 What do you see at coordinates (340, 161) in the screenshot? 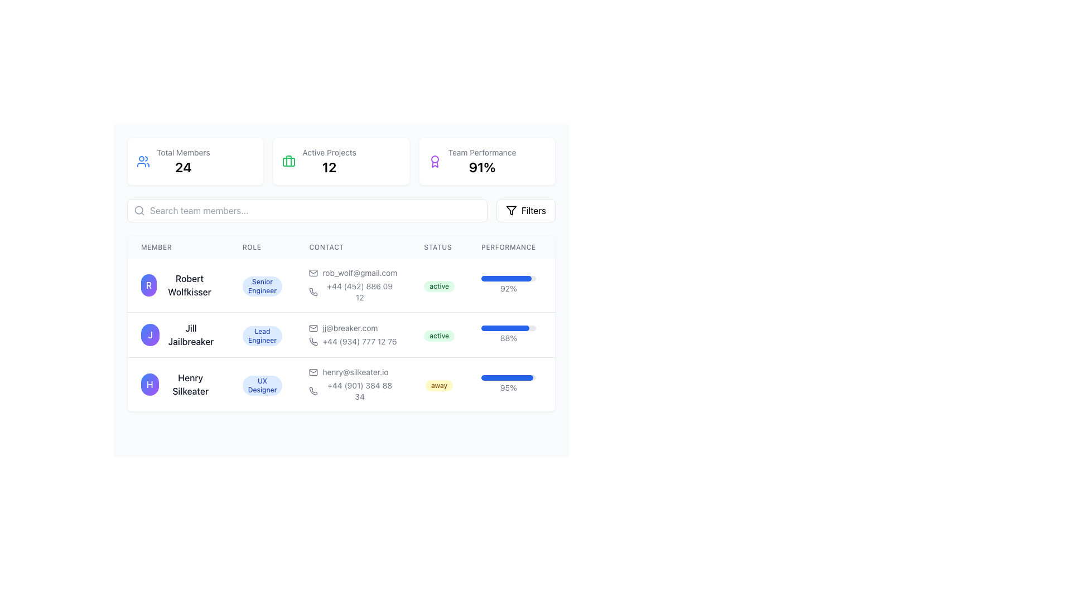
I see `the Information display panel that shows a briefcase icon, 'Active Projects' in small gray text, and '12' in bold large text, located centrally between 'Total Members' and 'Team Performance'` at bounding box center [340, 161].